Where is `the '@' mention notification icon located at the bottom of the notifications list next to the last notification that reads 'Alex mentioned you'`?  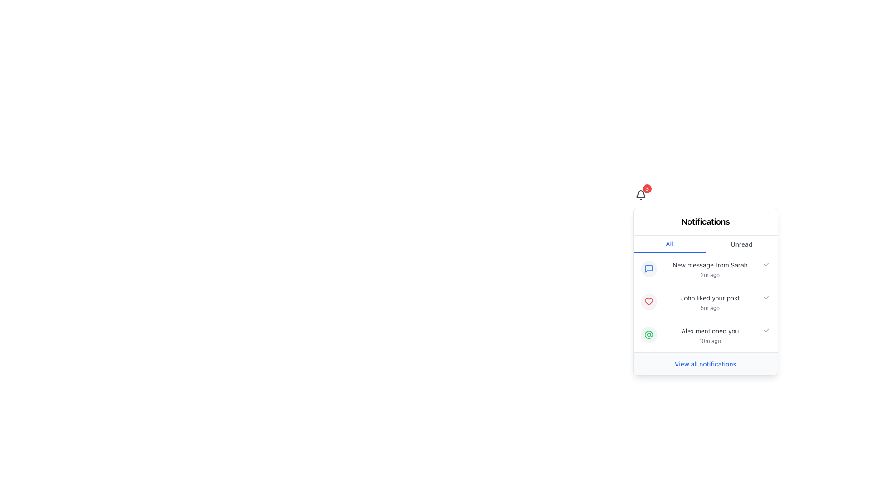 the '@' mention notification icon located at the bottom of the notifications list next to the last notification that reads 'Alex mentioned you' is located at coordinates (649, 334).